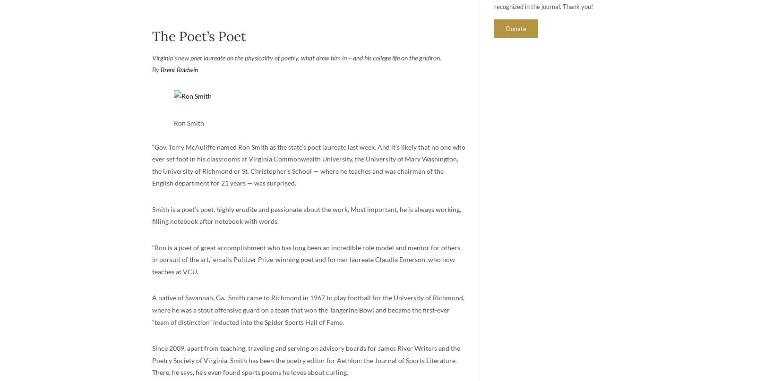 This screenshot has height=381, width=781. What do you see at coordinates (198, 36) in the screenshot?
I see `'The Poet’s Poet'` at bounding box center [198, 36].